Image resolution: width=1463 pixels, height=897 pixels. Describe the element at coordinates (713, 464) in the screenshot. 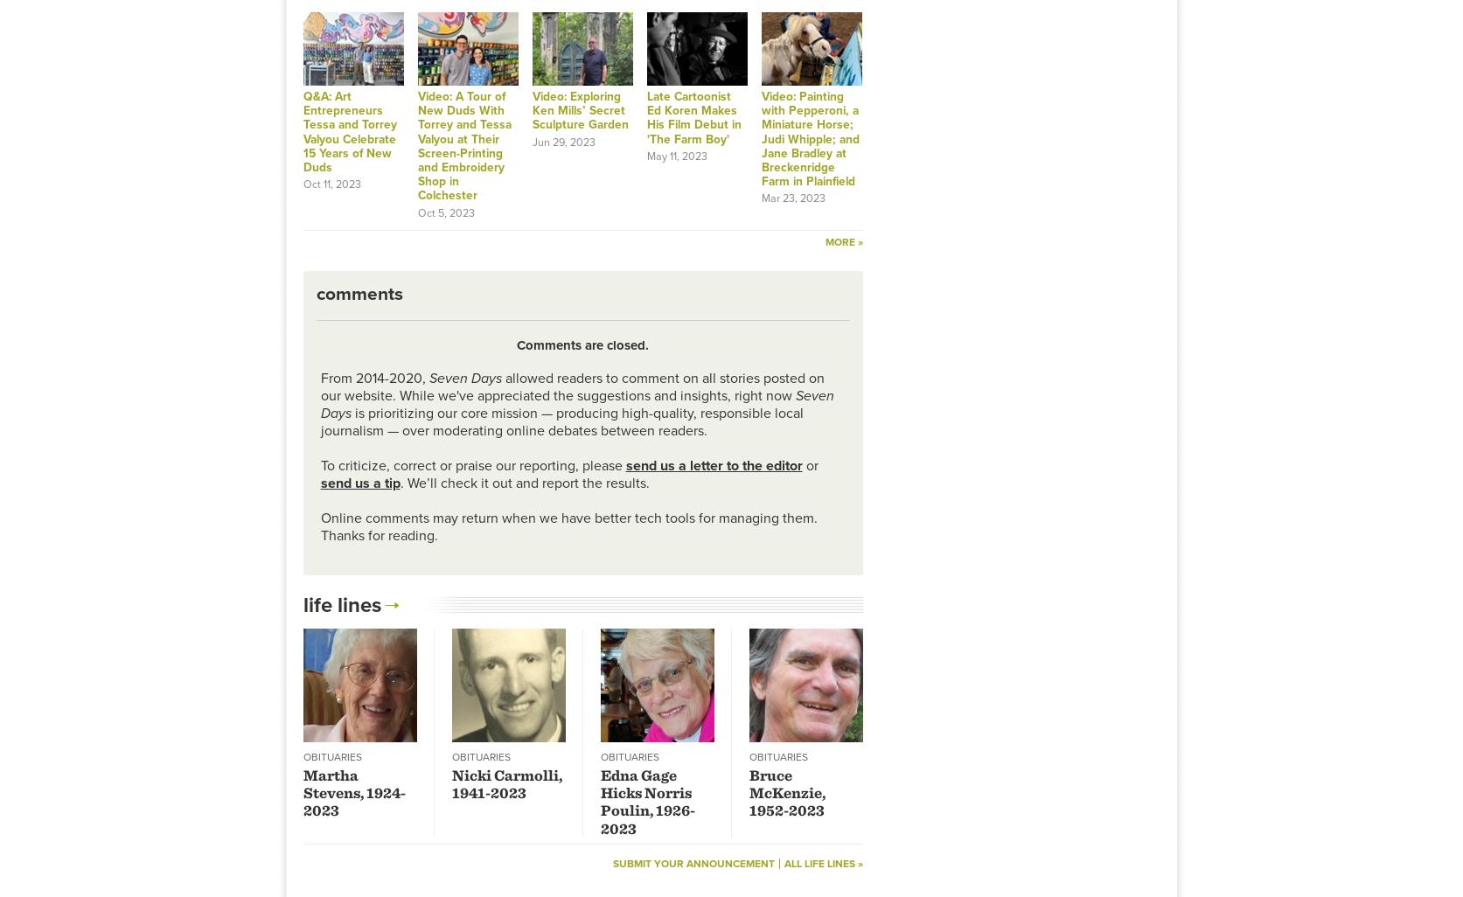

I see `'send us a letter to the editor'` at that location.